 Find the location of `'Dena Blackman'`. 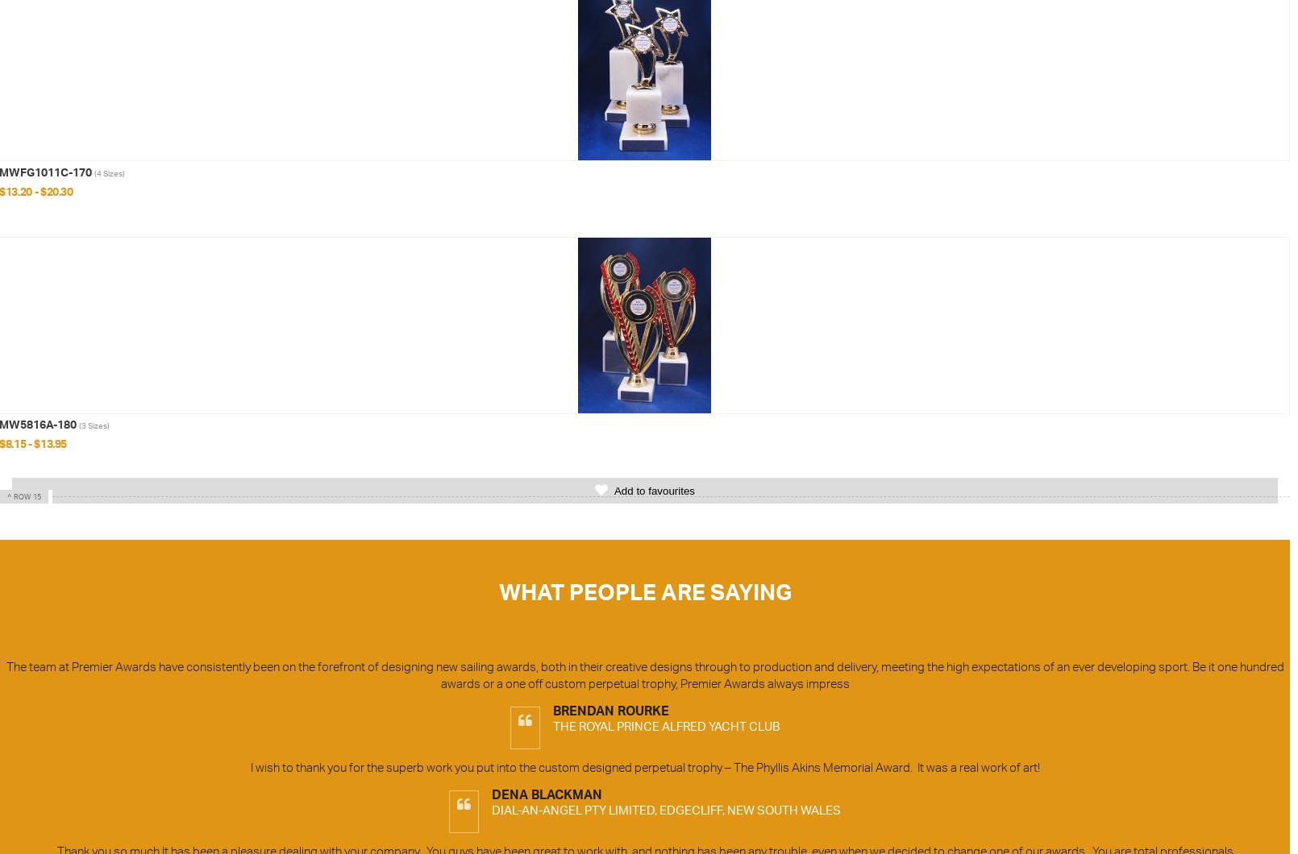

'Dena Blackman' is located at coordinates (546, 795).